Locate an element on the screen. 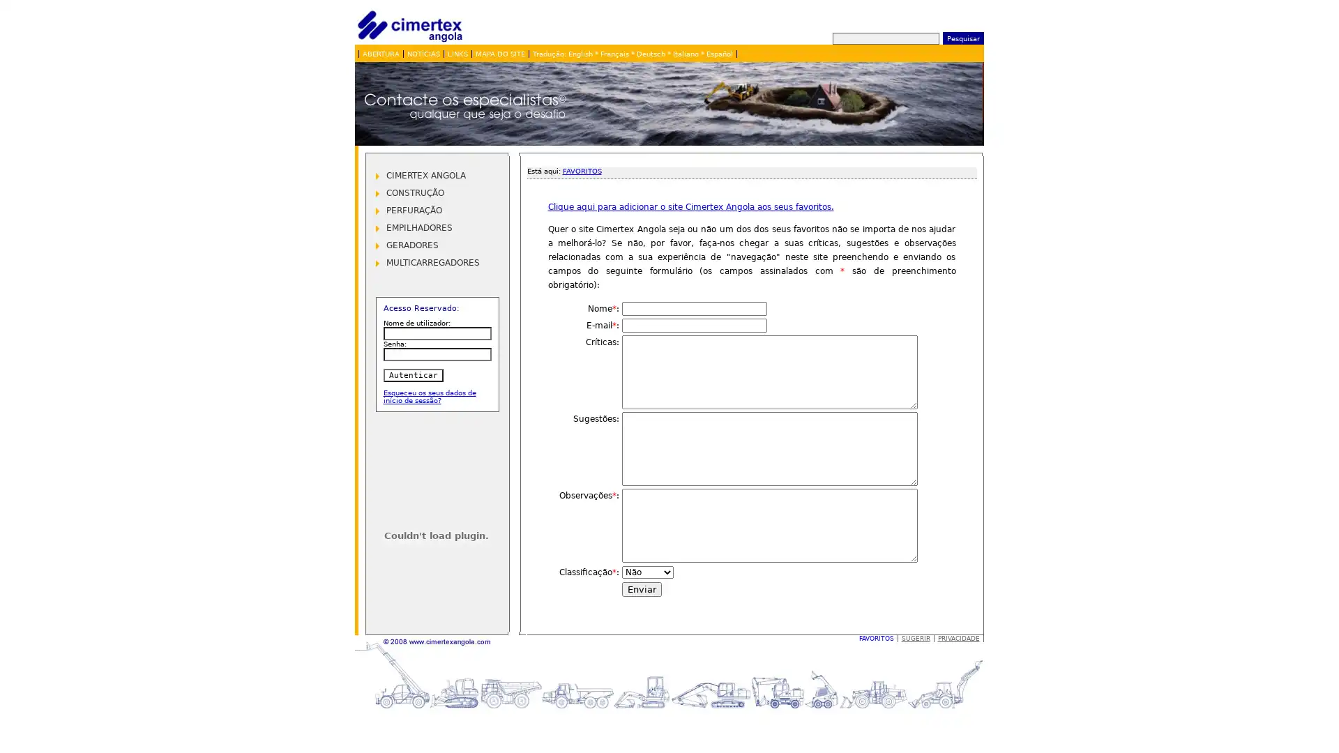 The width and height of the screenshot is (1339, 753). Pesquisar is located at coordinates (962, 37).